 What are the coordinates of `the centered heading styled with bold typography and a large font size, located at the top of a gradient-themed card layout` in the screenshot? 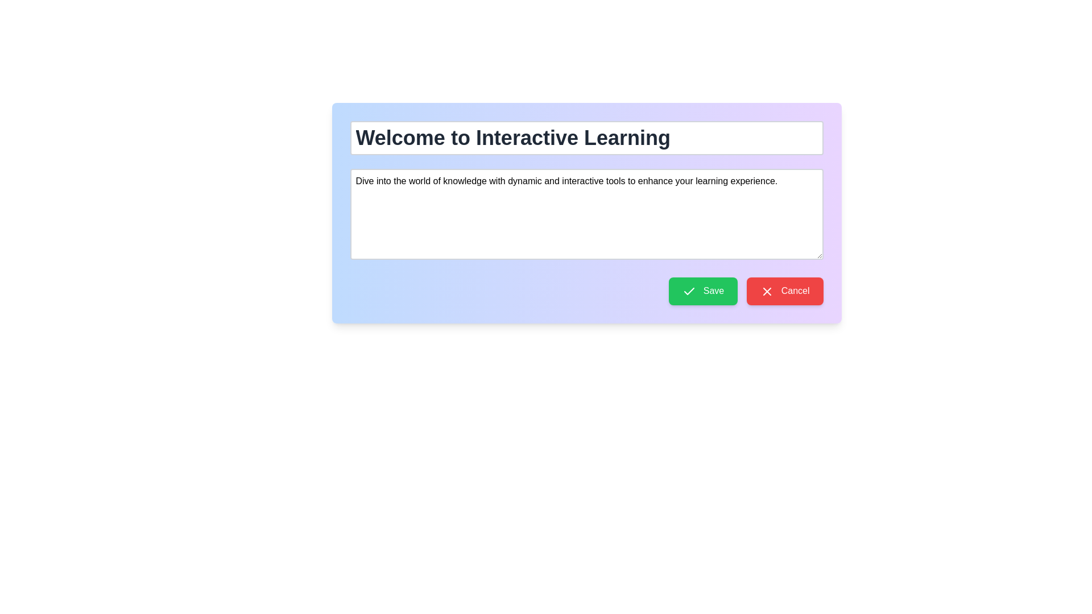 It's located at (586, 138).